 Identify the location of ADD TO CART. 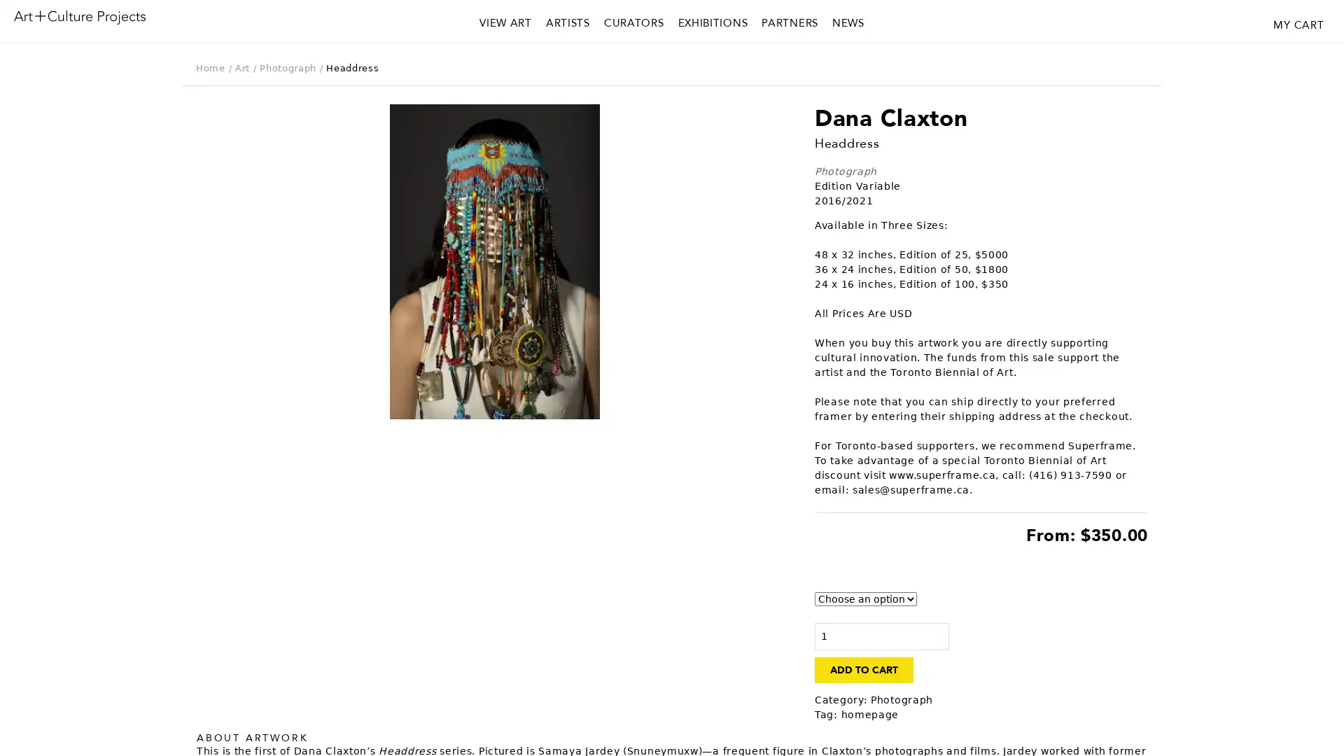
(863, 669).